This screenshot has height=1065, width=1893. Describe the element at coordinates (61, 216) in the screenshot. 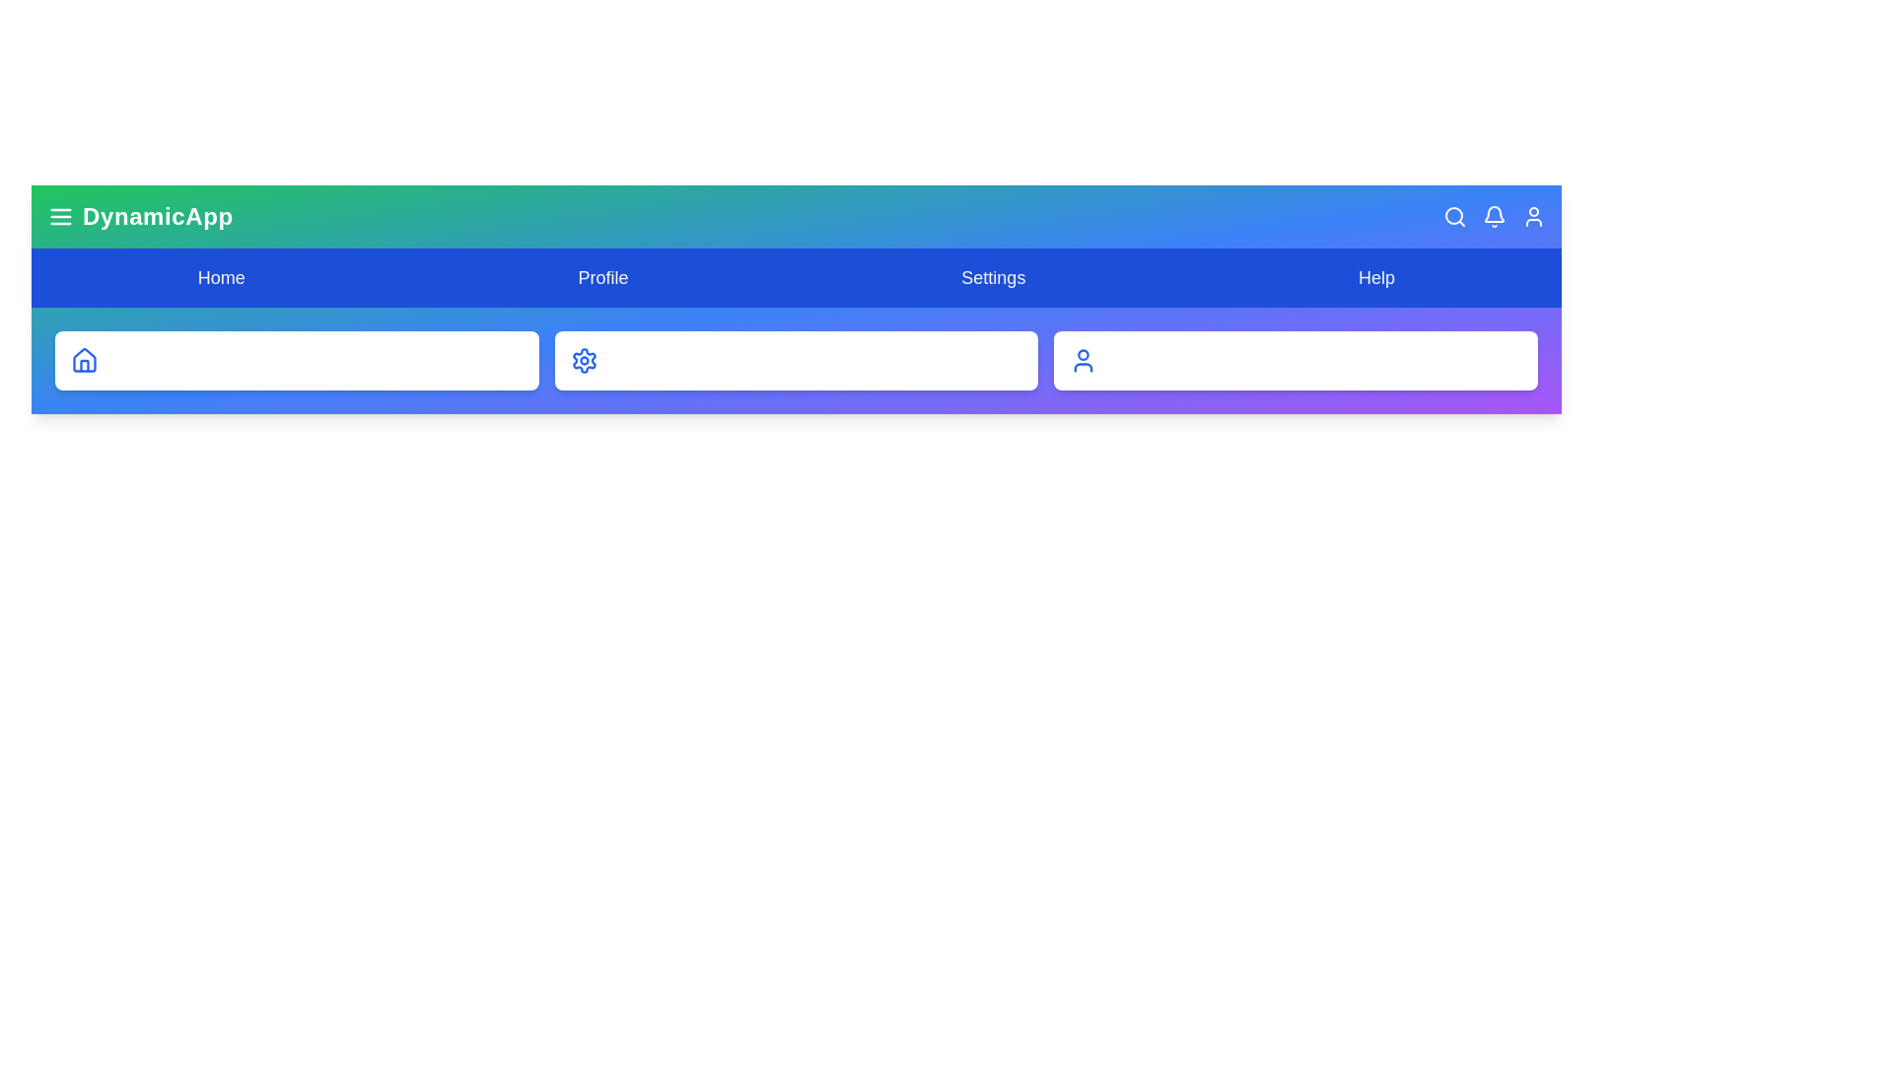

I see `the menu icon to toggle the menu visibility` at that location.